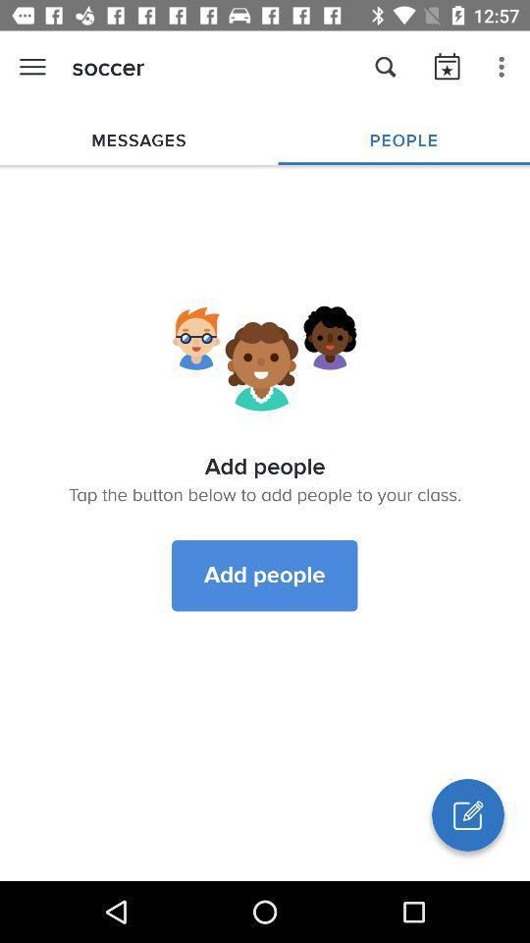 The width and height of the screenshot is (530, 943). Describe the element at coordinates (466, 814) in the screenshot. I see `post` at that location.